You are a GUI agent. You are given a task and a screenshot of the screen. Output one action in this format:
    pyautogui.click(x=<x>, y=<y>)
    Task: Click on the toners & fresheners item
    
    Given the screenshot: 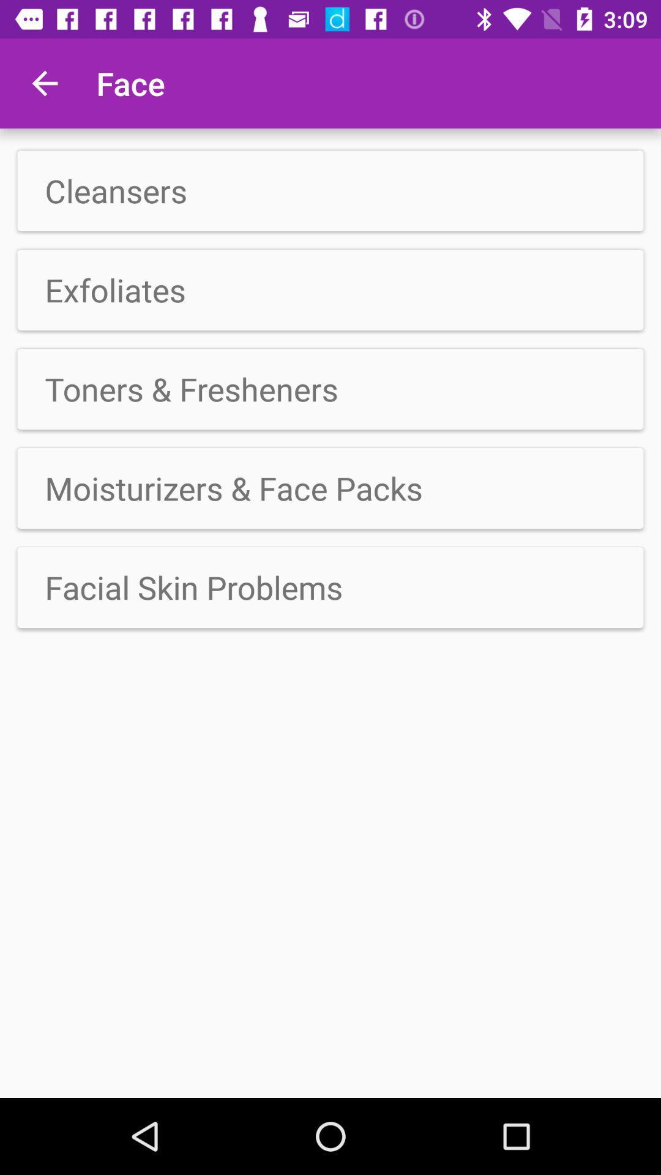 What is the action you would take?
    pyautogui.click(x=330, y=388)
    